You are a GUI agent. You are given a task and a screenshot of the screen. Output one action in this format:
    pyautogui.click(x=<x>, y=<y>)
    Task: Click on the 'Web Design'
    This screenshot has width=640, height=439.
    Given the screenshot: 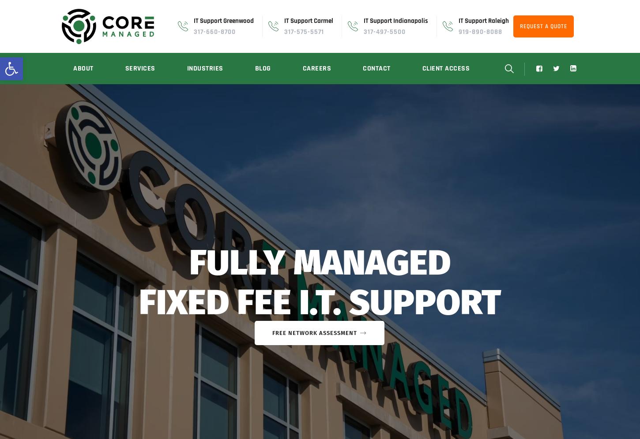 What is the action you would take?
    pyautogui.click(x=137, y=288)
    